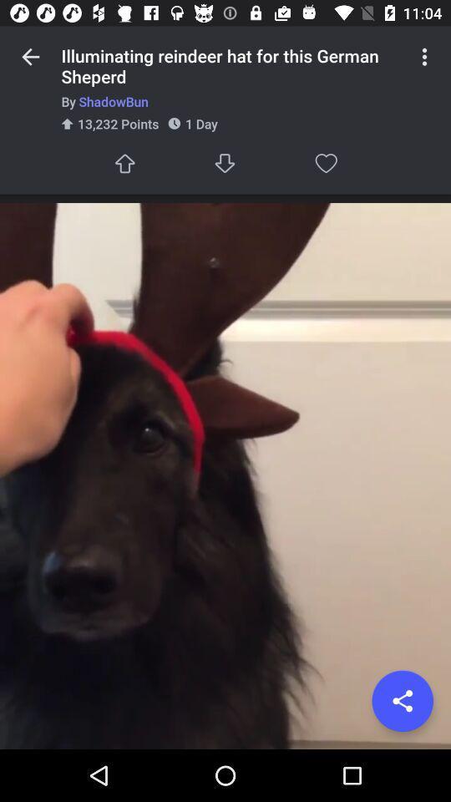 Image resolution: width=451 pixels, height=802 pixels. Describe the element at coordinates (225, 163) in the screenshot. I see `next` at that location.